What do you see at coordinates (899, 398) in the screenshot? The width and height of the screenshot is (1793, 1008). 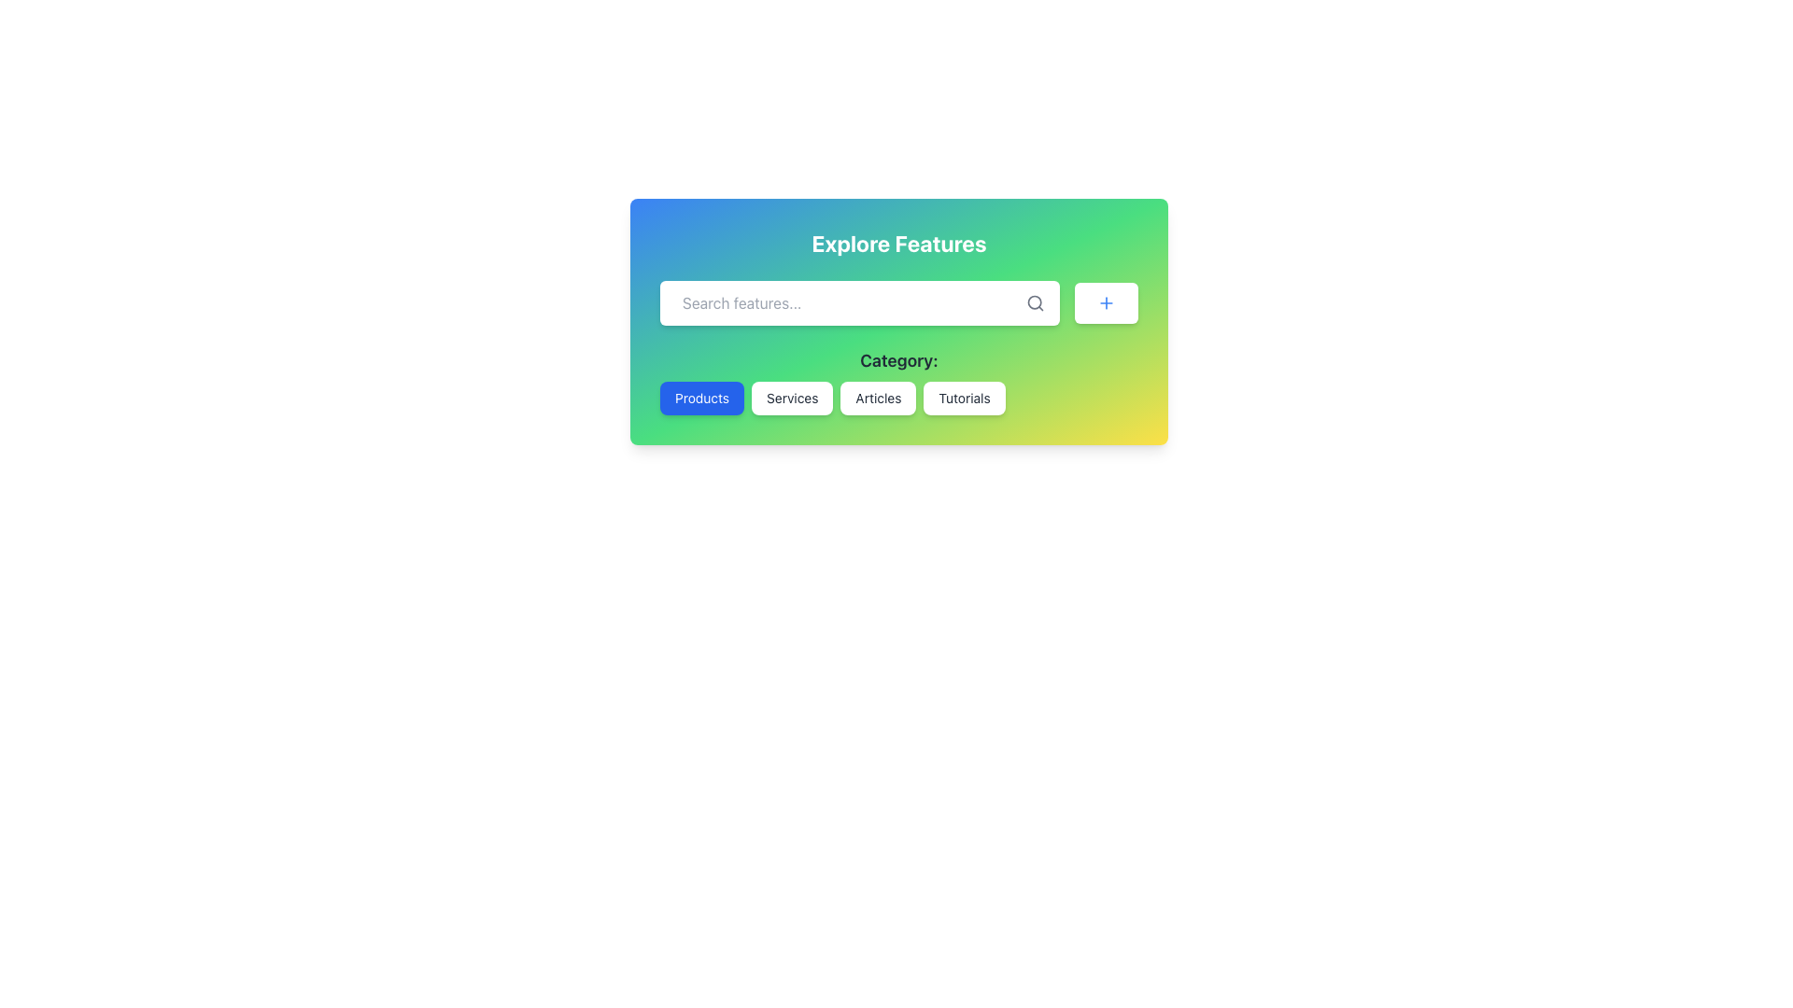 I see `the 'Articles' button located in the navigation group under the 'Category:' label to filter content related to articles` at bounding box center [899, 398].